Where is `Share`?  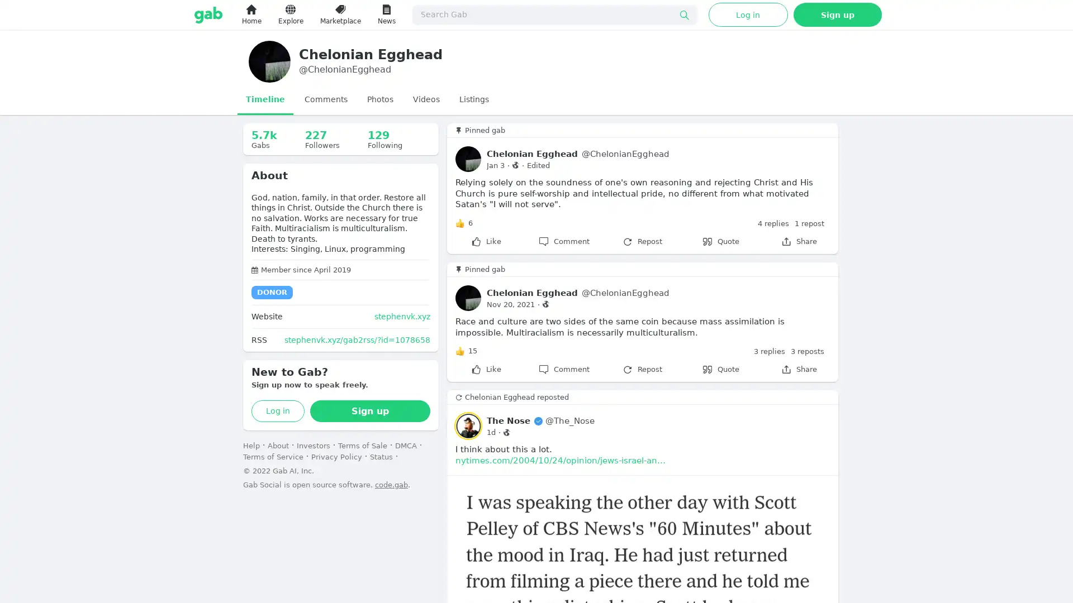 Share is located at coordinates (799, 241).